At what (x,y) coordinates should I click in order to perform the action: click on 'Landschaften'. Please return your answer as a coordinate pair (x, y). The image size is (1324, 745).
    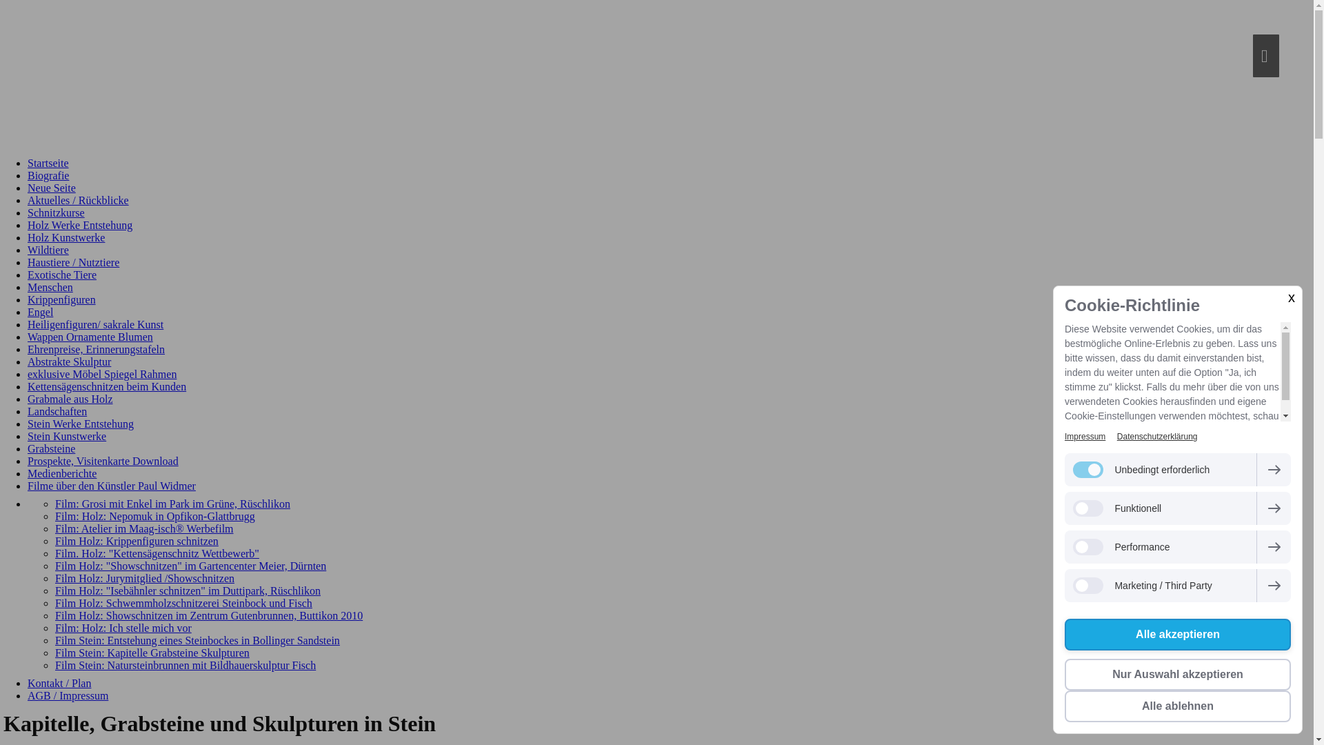
    Looking at the image, I should click on (56, 410).